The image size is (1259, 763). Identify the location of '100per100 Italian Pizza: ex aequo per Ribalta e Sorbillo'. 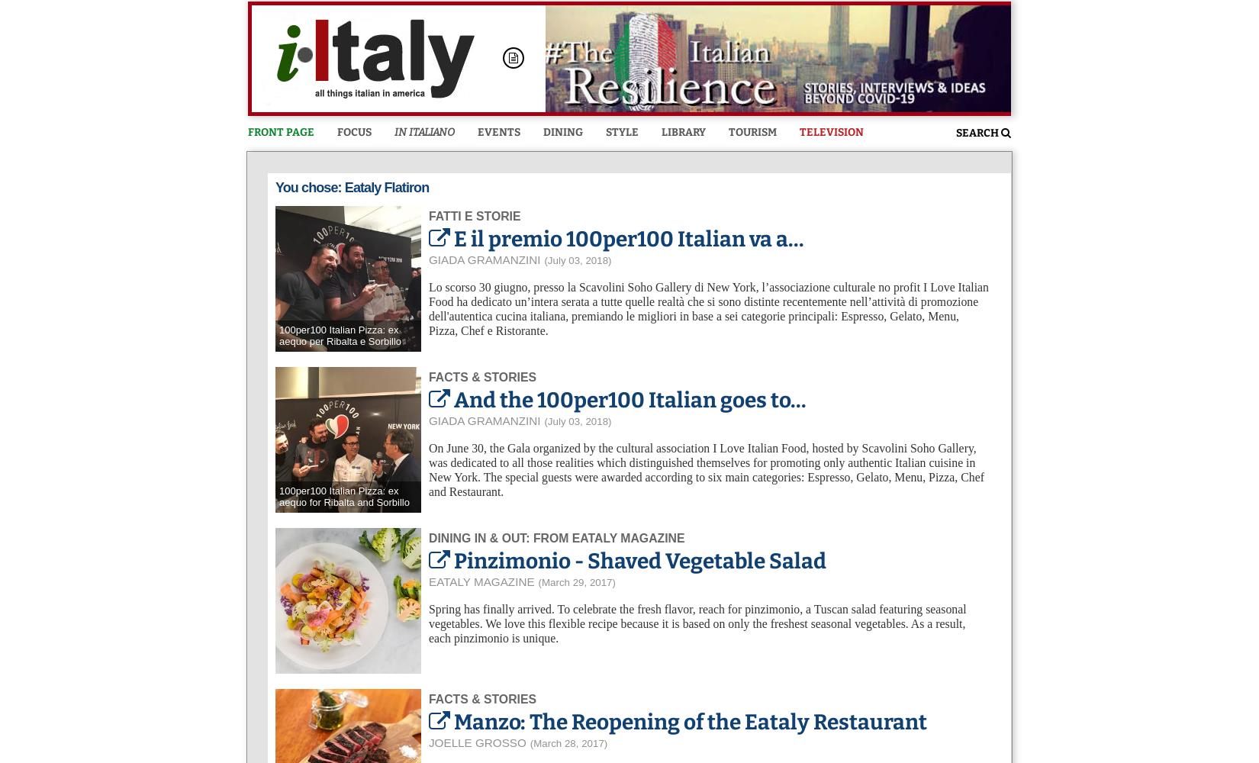
(279, 334).